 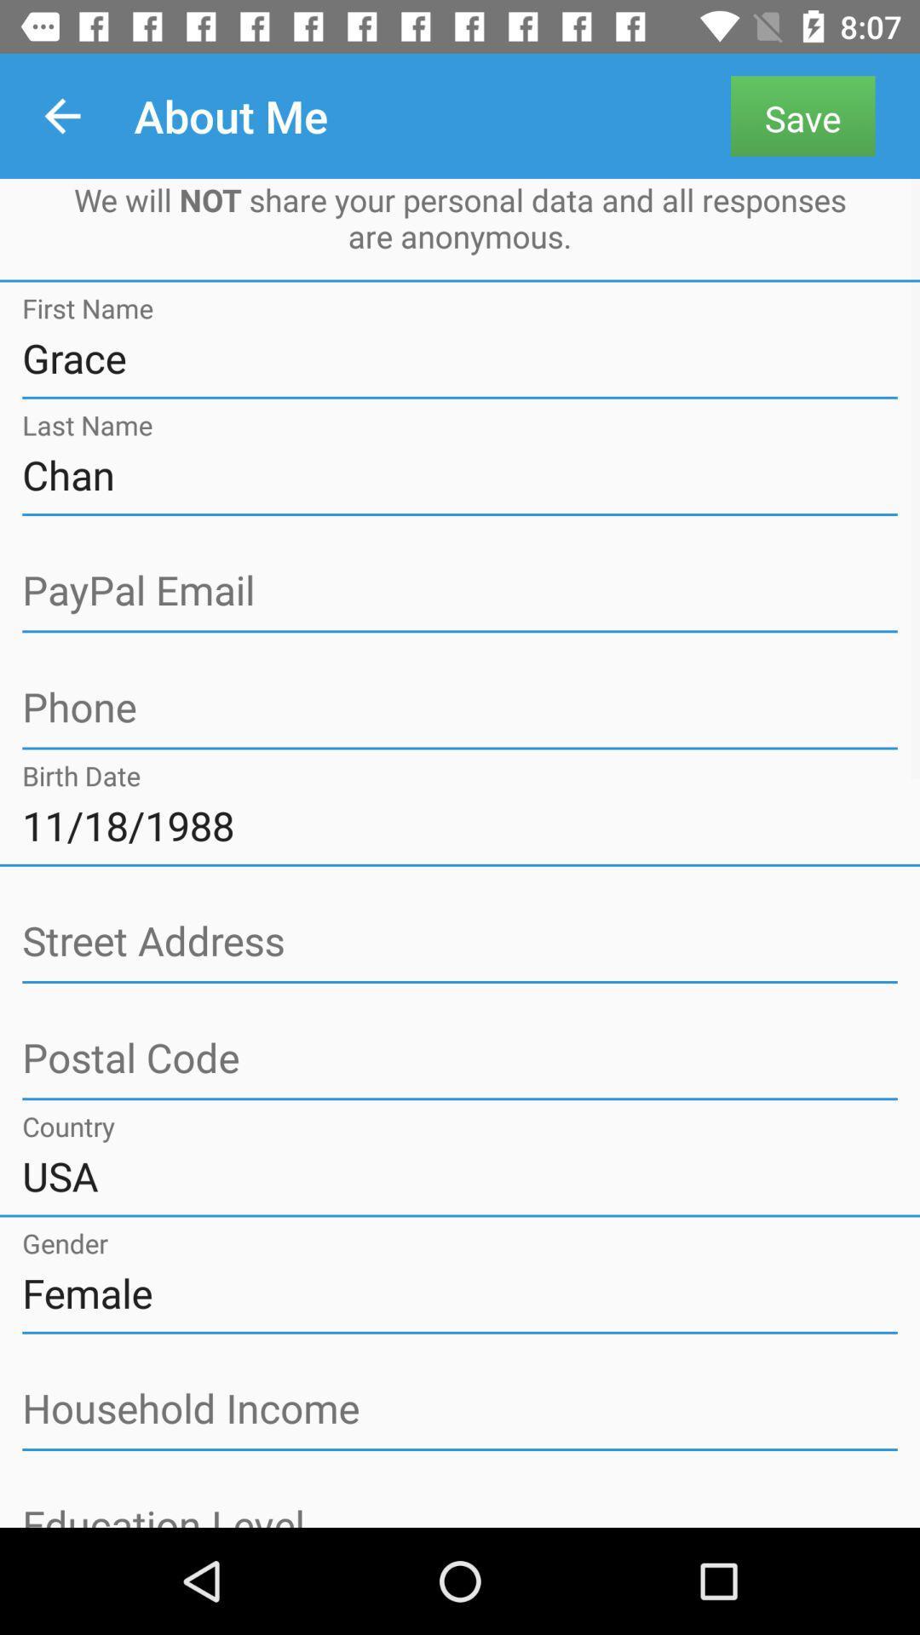 I want to click on information area, so click(x=460, y=1513).